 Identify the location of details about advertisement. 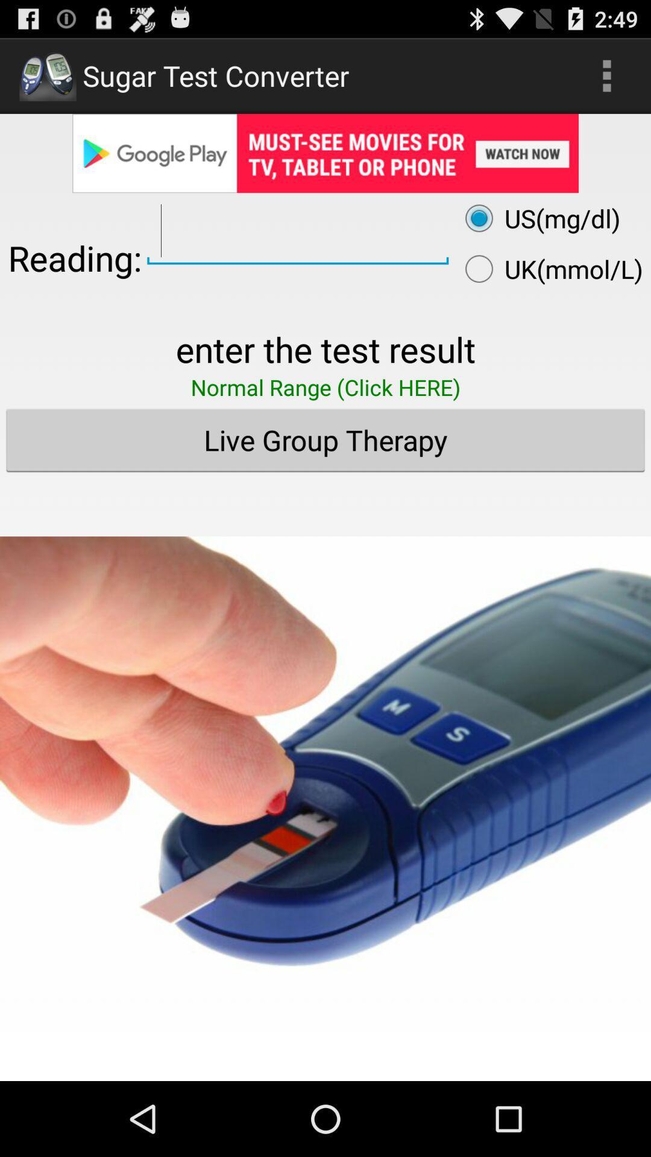
(325, 152).